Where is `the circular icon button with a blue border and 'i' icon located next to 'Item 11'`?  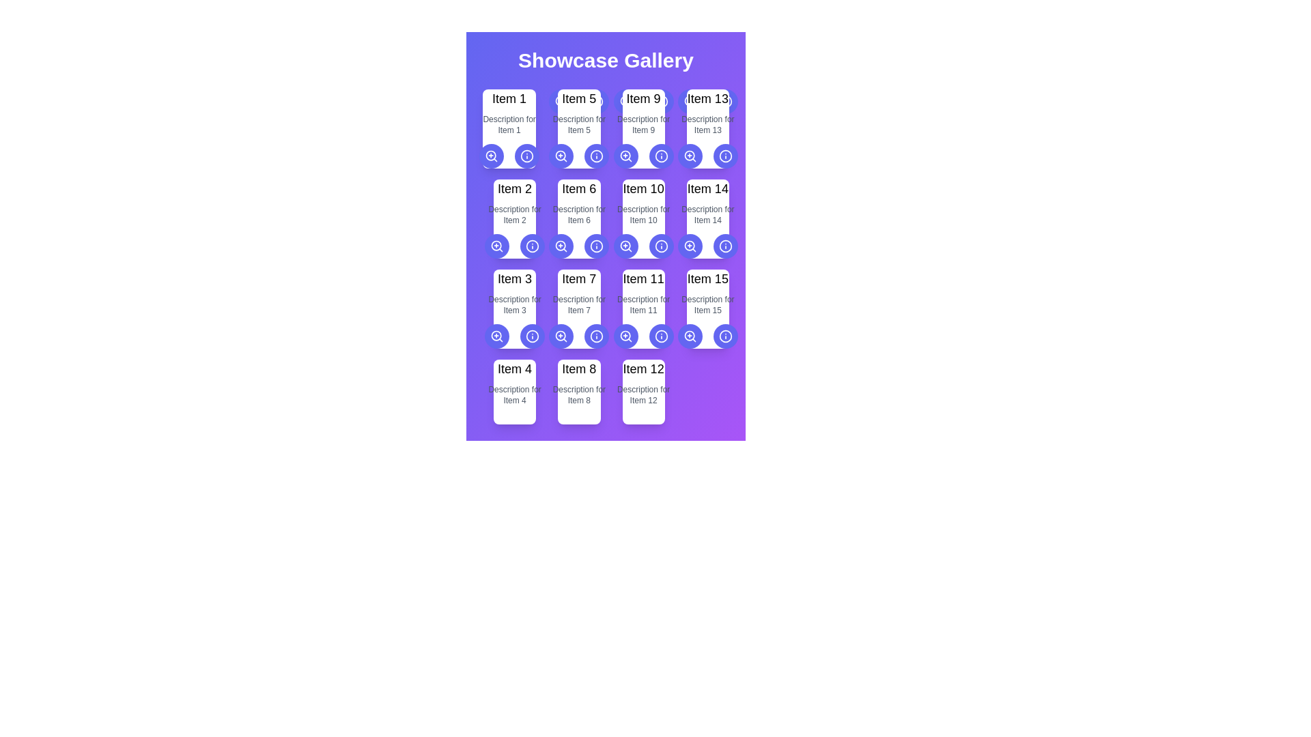 the circular icon button with a blue border and 'i' icon located next to 'Item 11' is located at coordinates (661, 246).